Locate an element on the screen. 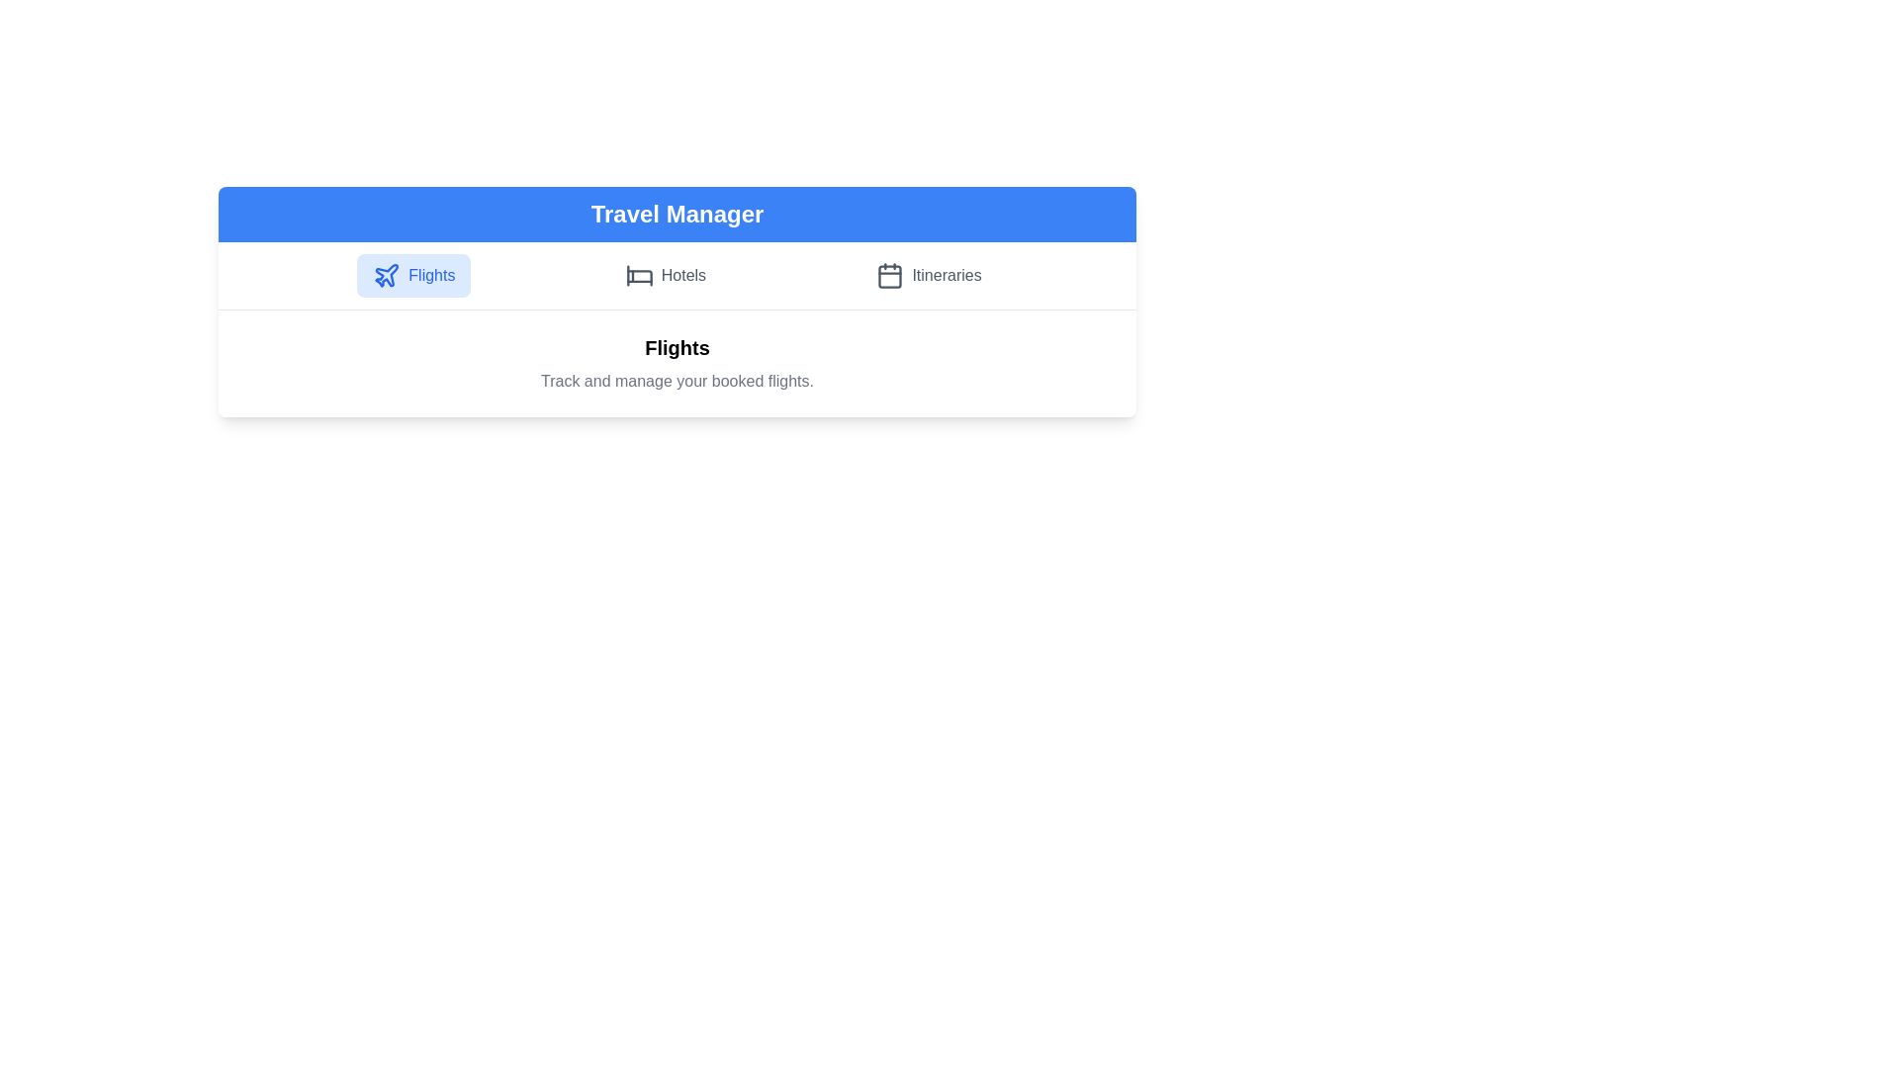 This screenshot has width=1899, height=1068. the tab labeled Hotels to see its hover effect is located at coordinates (666, 275).